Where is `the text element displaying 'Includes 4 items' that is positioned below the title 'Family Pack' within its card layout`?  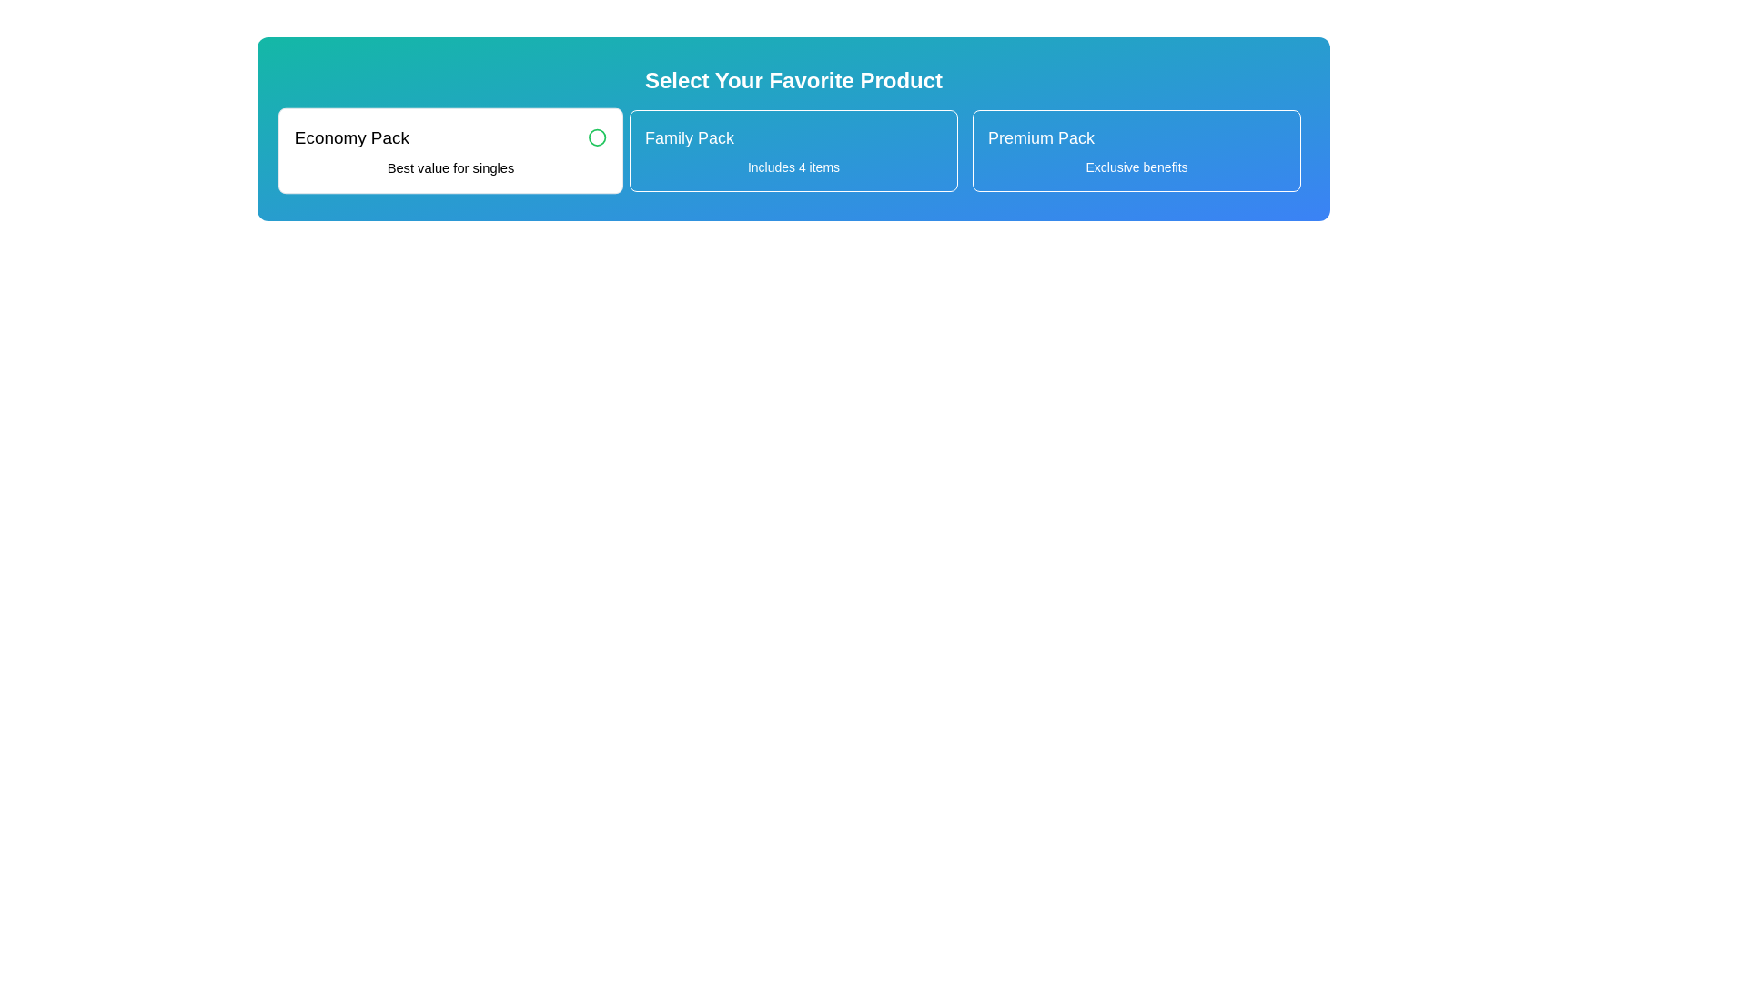
the text element displaying 'Includes 4 items' that is positioned below the title 'Family Pack' within its card layout is located at coordinates (793, 167).